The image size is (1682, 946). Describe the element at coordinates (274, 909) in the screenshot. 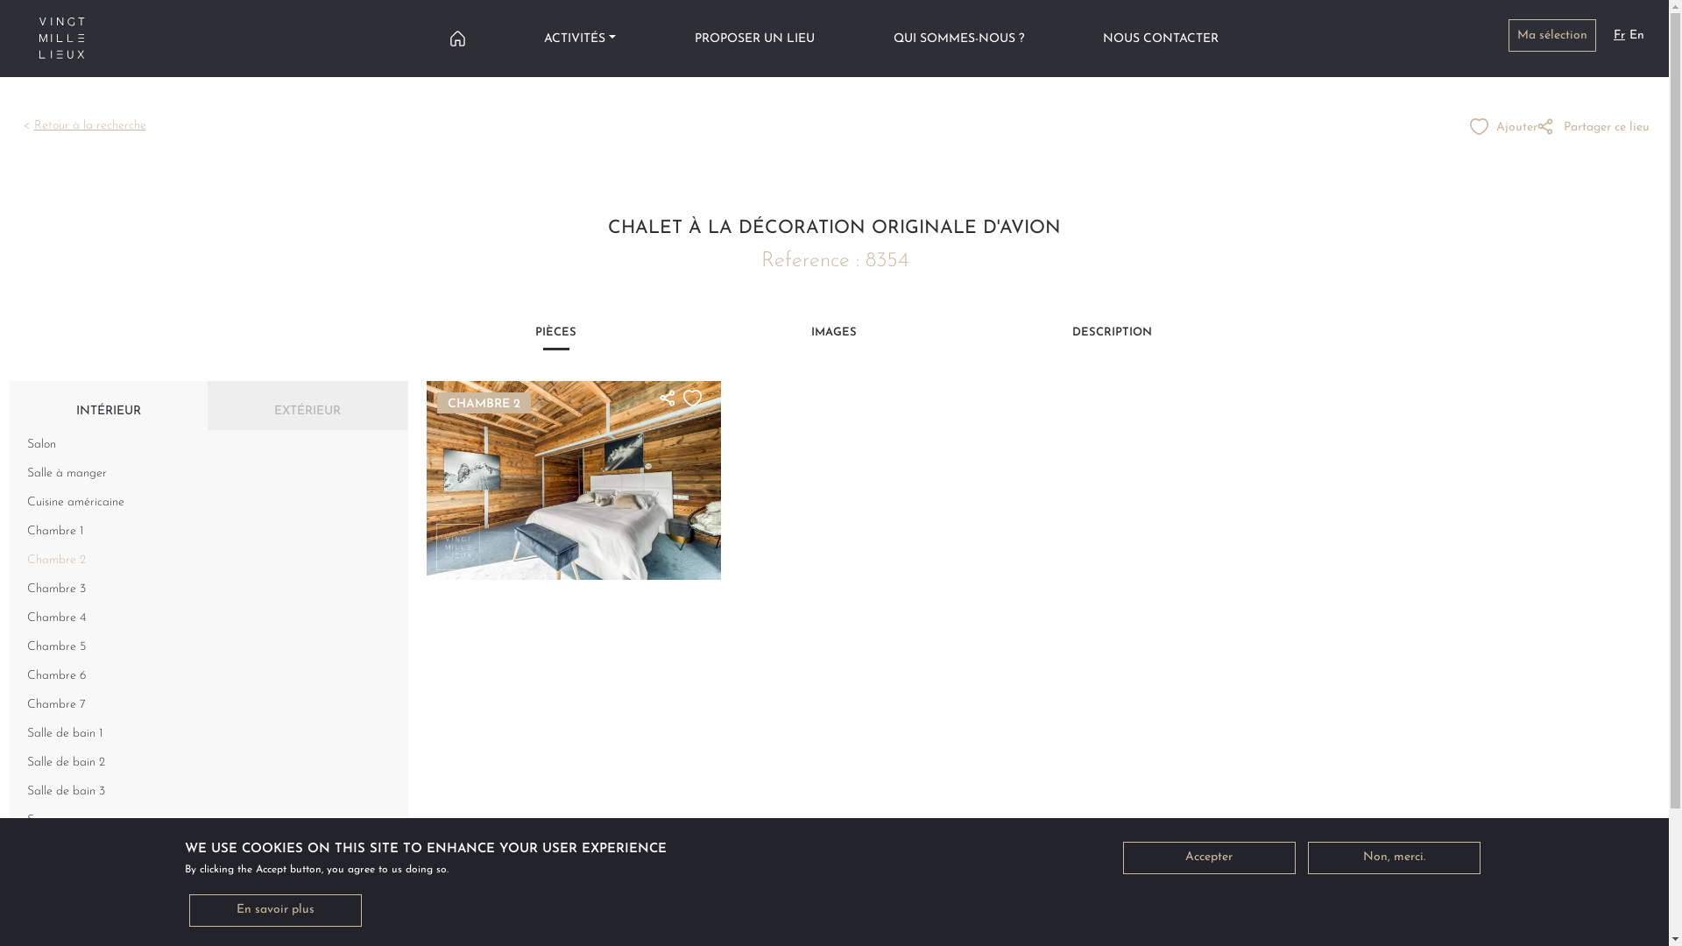

I see `'En savoir plus'` at that location.